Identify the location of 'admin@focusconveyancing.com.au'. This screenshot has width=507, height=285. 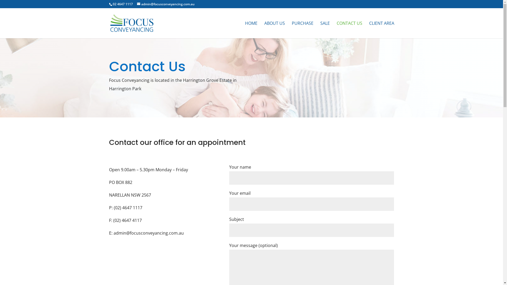
(165, 4).